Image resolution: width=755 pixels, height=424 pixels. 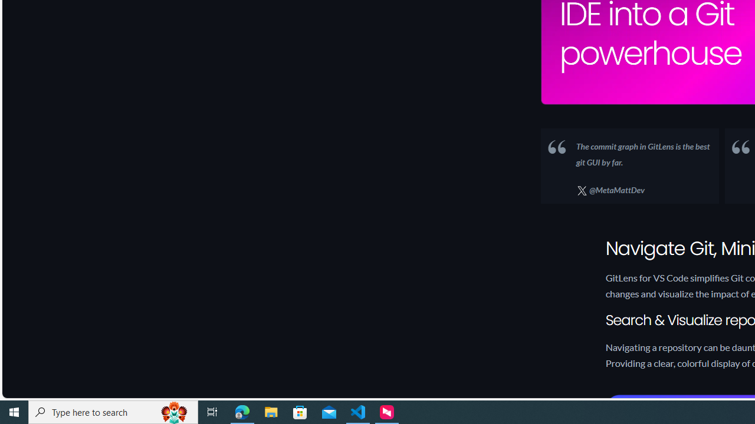 What do you see at coordinates (14, 411) in the screenshot?
I see `'Start'` at bounding box center [14, 411].